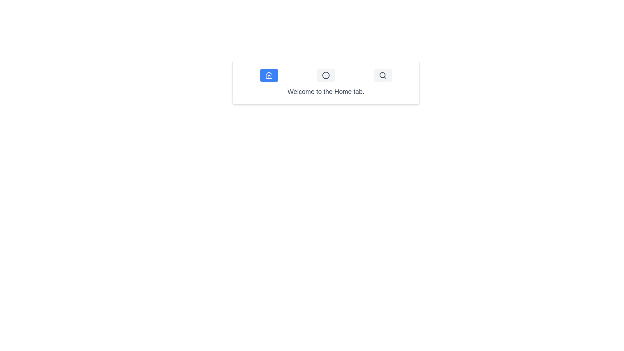 Image resolution: width=624 pixels, height=351 pixels. What do you see at coordinates (269, 75) in the screenshot?
I see `the blue, rounded rectangle button with a white house-shaped icon at its center` at bounding box center [269, 75].